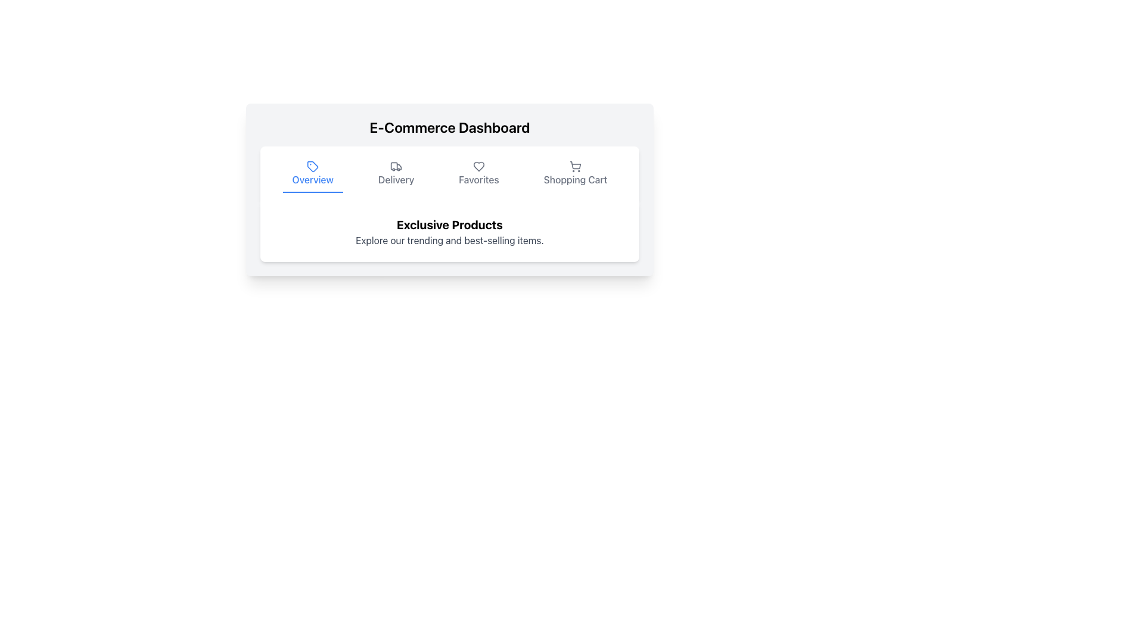  I want to click on the outlined tag-shaped icon in the navigation section, which has a light blue border and is positioned above the 'Overview' label, so click(312, 166).